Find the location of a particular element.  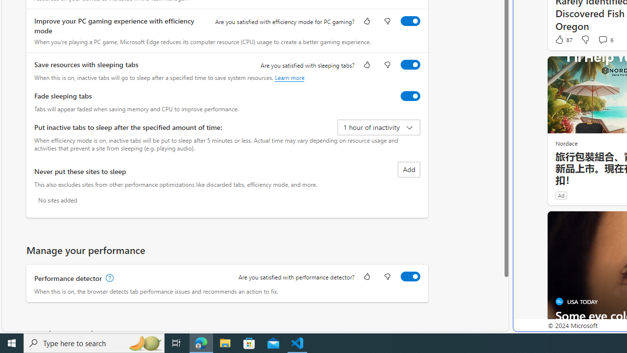

'Fade sleeping tabs' is located at coordinates (410, 96).